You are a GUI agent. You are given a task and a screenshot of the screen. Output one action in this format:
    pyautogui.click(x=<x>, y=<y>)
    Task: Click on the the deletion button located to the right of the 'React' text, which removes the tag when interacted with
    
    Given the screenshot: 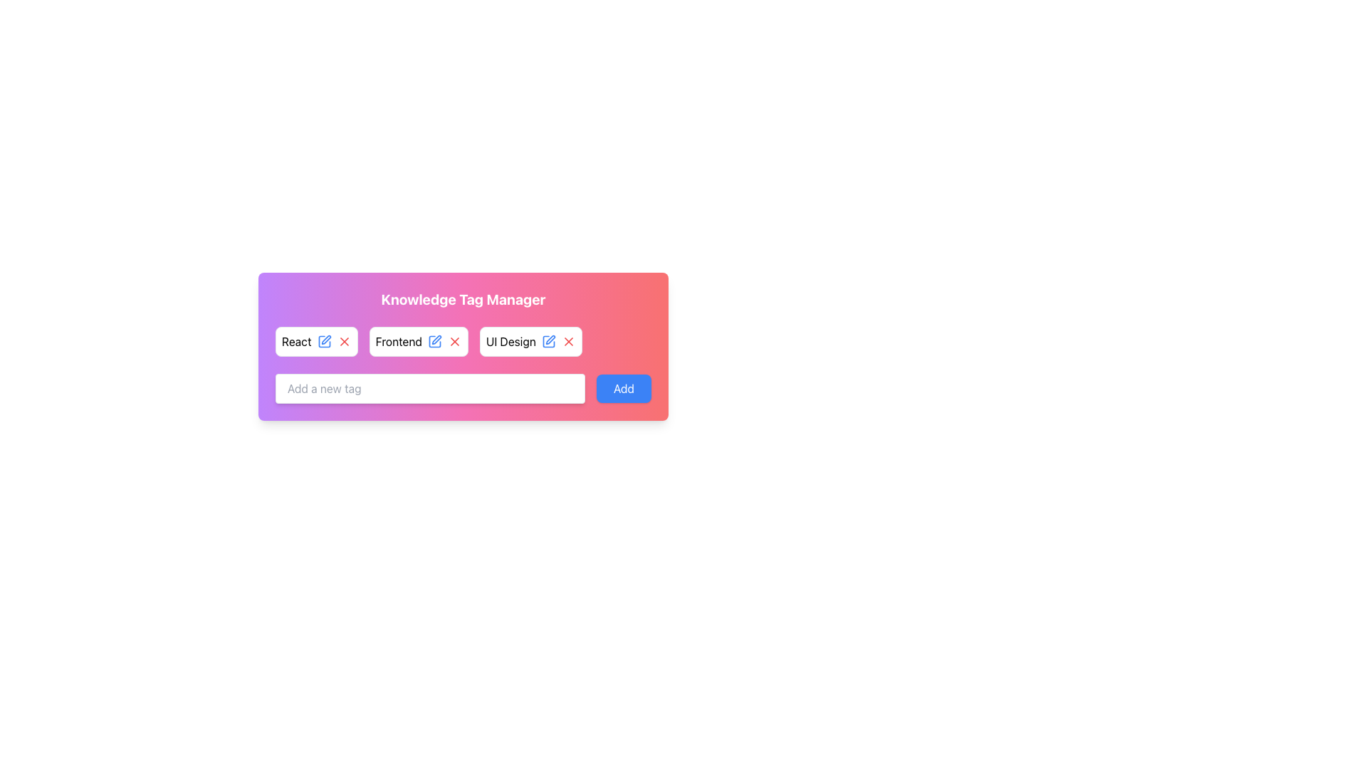 What is the action you would take?
    pyautogui.click(x=344, y=341)
    